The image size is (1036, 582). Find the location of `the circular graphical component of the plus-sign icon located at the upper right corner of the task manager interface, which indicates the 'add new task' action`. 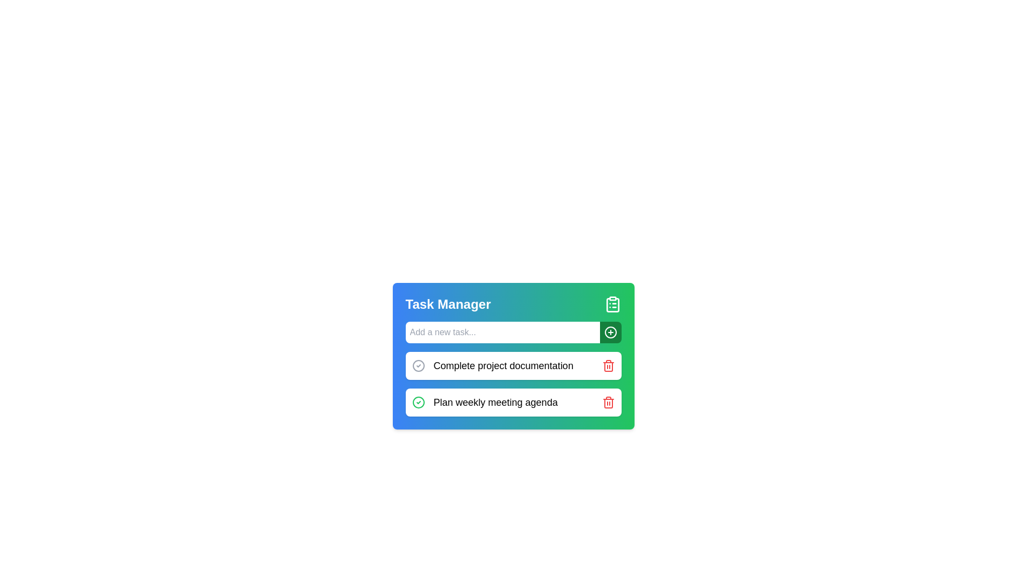

the circular graphical component of the plus-sign icon located at the upper right corner of the task manager interface, which indicates the 'add new task' action is located at coordinates (610, 332).